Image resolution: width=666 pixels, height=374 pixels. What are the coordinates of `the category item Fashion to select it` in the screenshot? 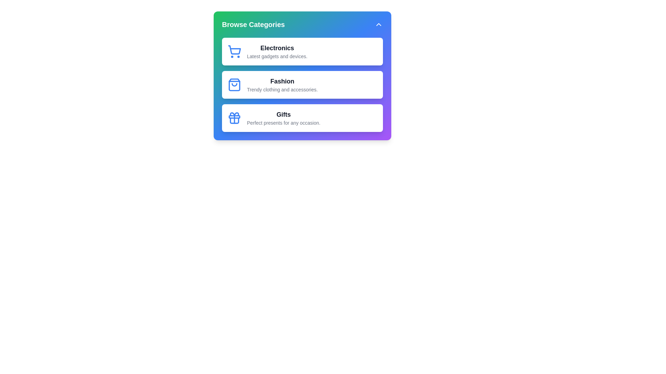 It's located at (302, 84).